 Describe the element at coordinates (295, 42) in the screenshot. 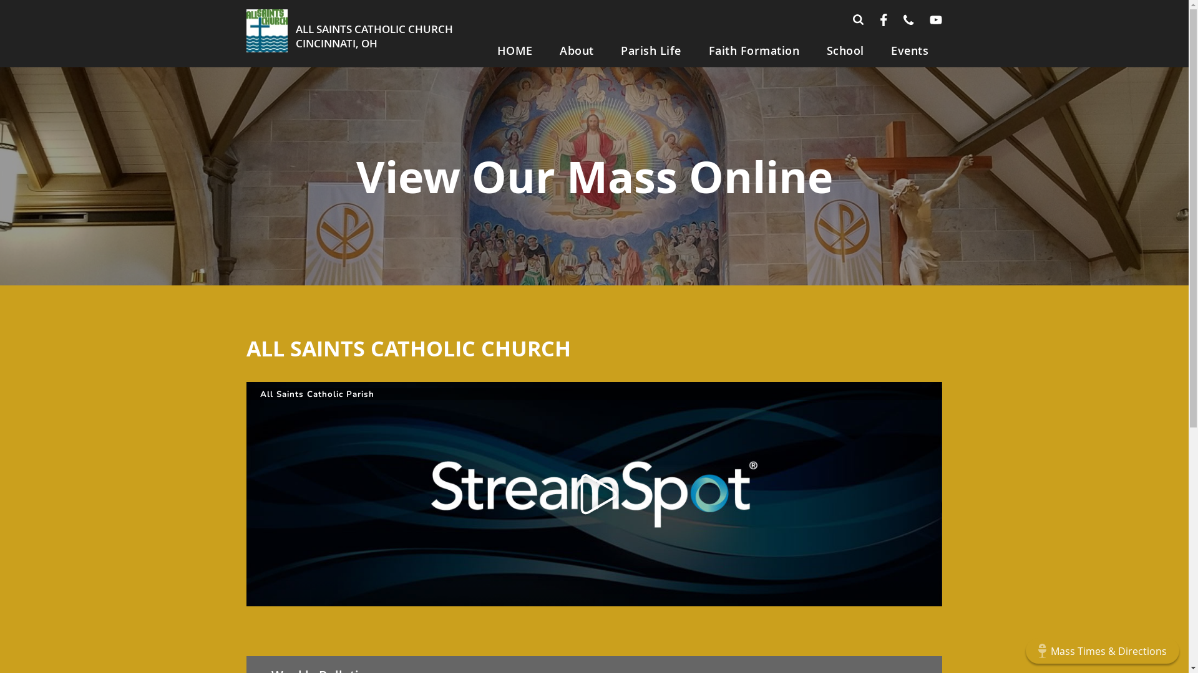

I see `'CINCINNATI, OH'` at that location.